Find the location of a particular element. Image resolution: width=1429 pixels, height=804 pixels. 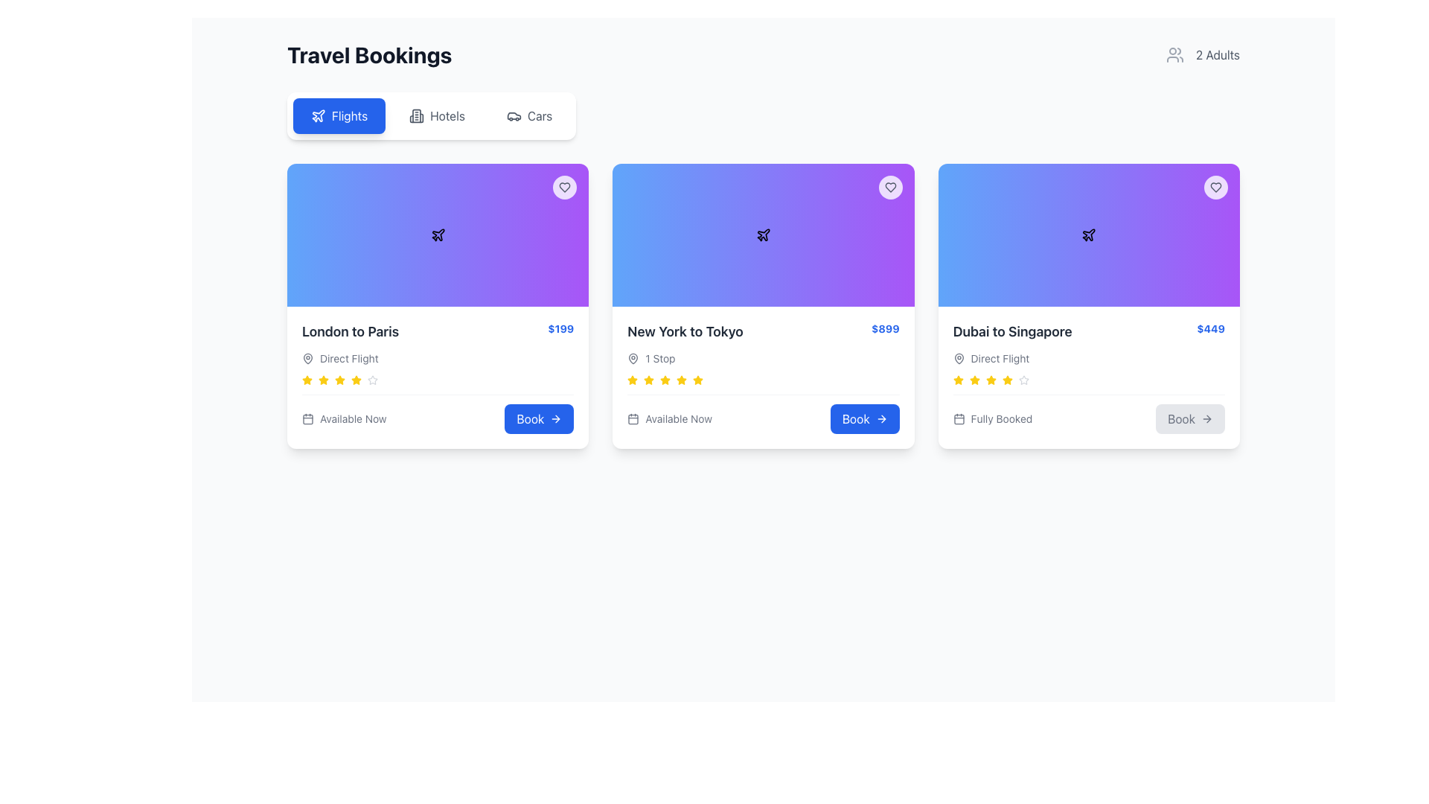

the rightward-pointing arrow icon located on the blue 'Book' button within the 'New York to Tokyo' card is located at coordinates (881, 419).